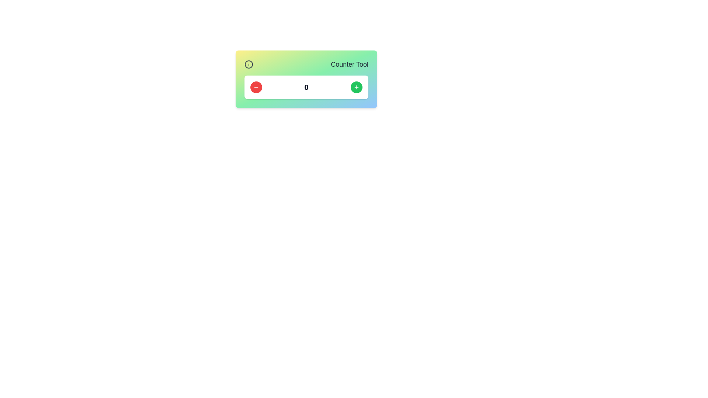  What do you see at coordinates (249, 64) in the screenshot?
I see `the circular graphic element with a dark border and light background, which is the outer circle of the information icon in the upper left corner of the 'Counter Tool' interface` at bounding box center [249, 64].